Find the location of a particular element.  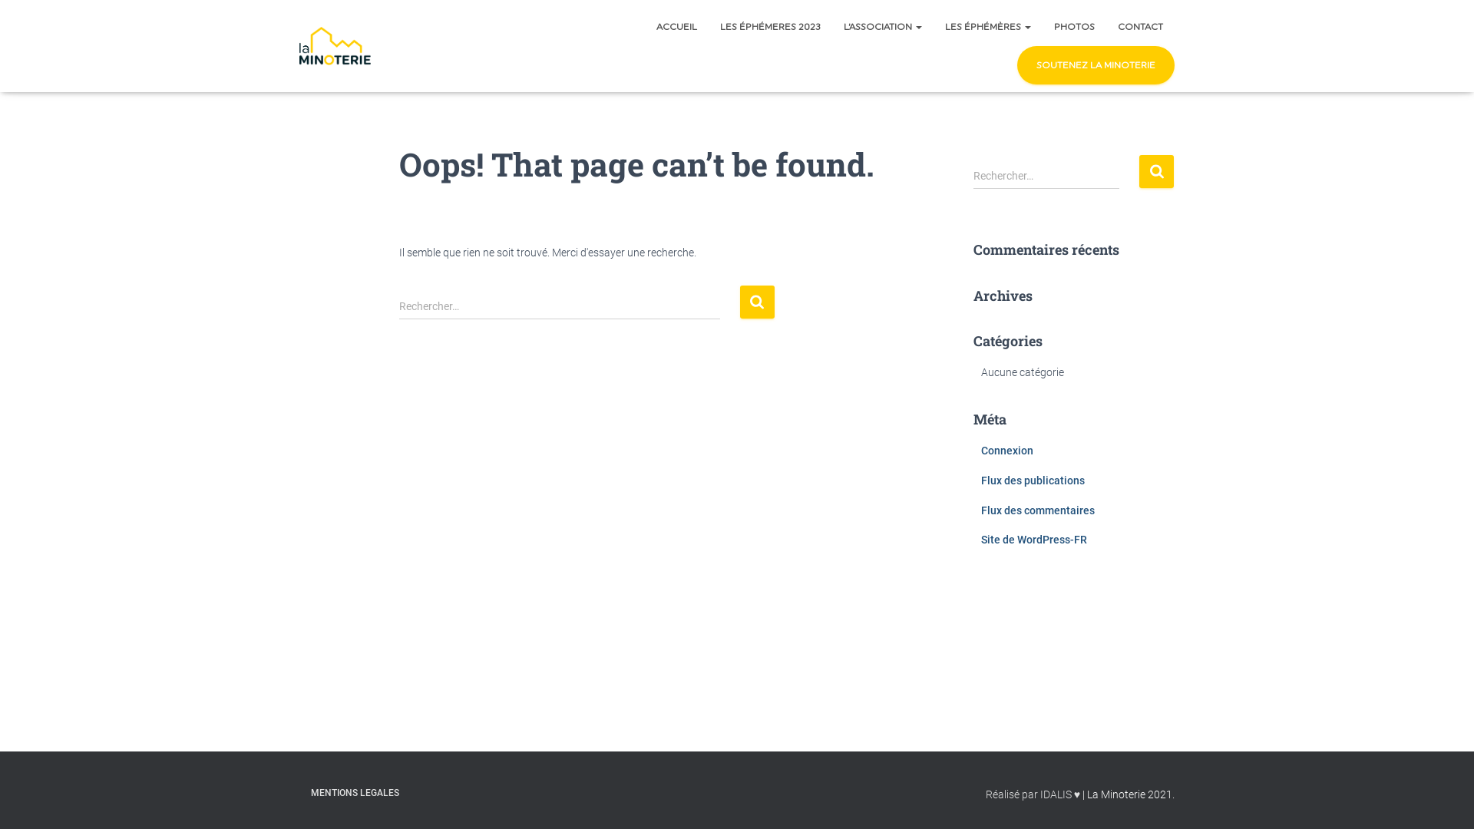

'Flux des publications' is located at coordinates (1033, 479).